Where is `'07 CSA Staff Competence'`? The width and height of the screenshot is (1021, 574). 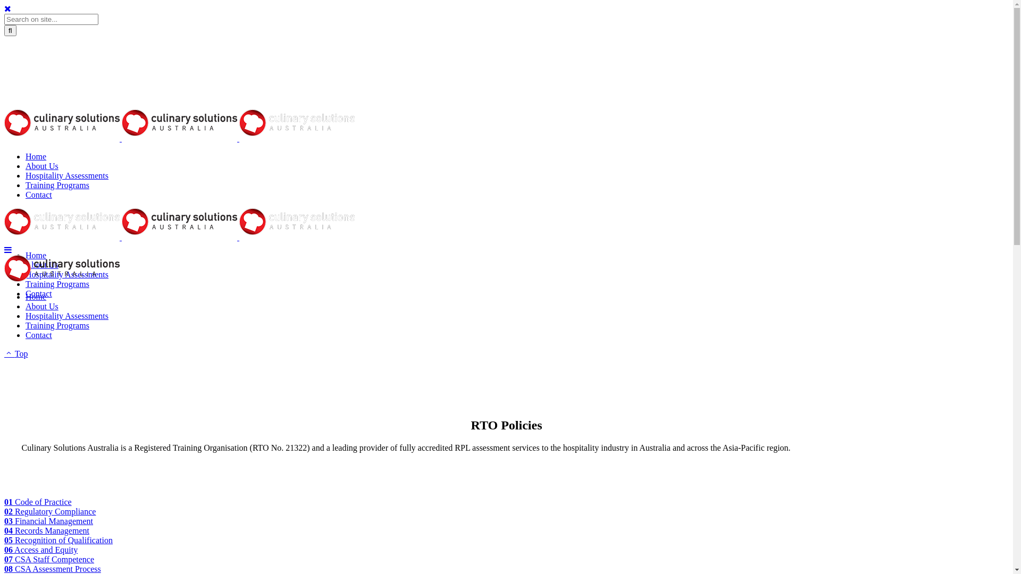
'07 CSA Staff Competence' is located at coordinates (4, 559).